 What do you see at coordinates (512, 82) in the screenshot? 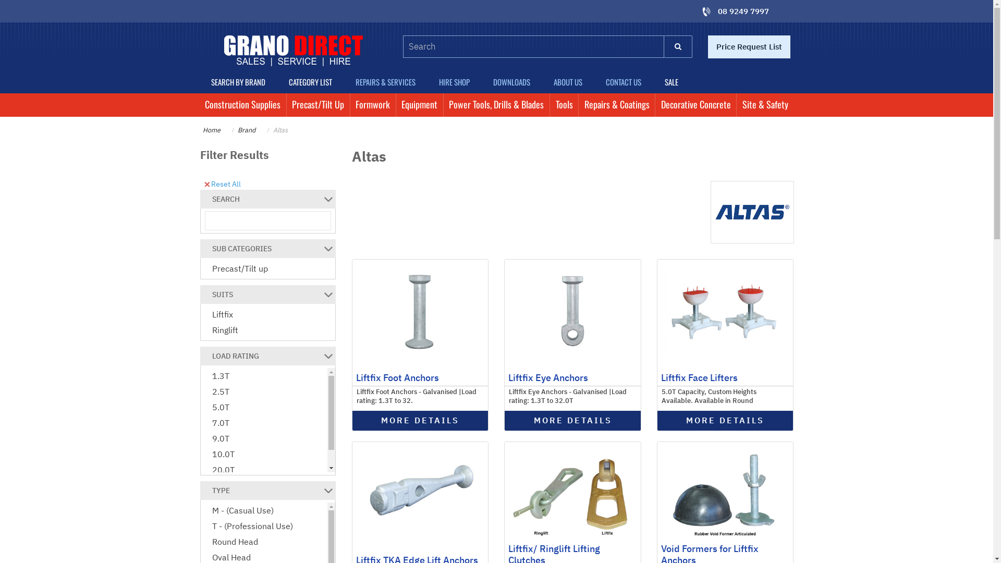
I see `'DOWNLOADS'` at bounding box center [512, 82].